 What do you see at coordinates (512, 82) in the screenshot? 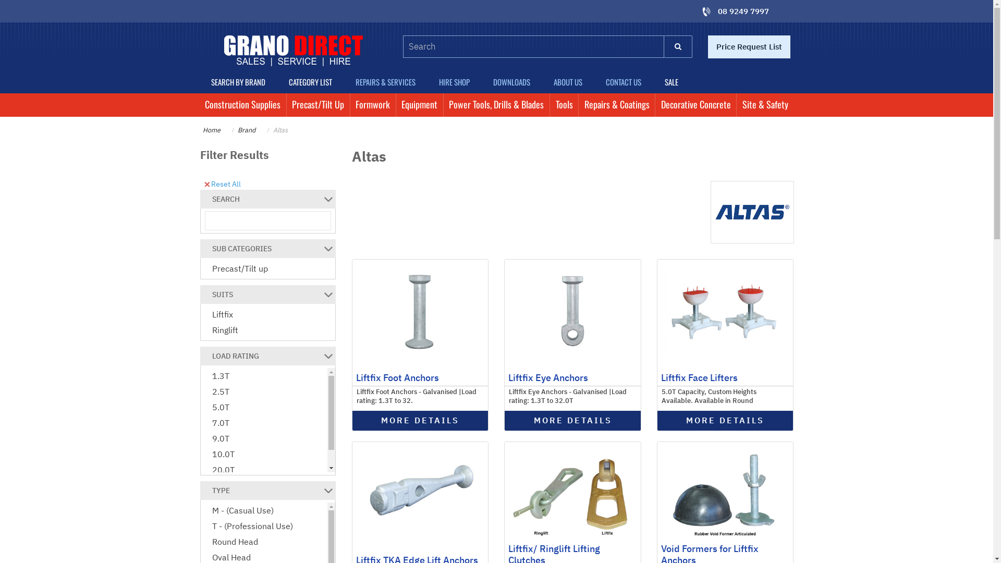
I see `'DOWNLOADS'` at bounding box center [512, 82].